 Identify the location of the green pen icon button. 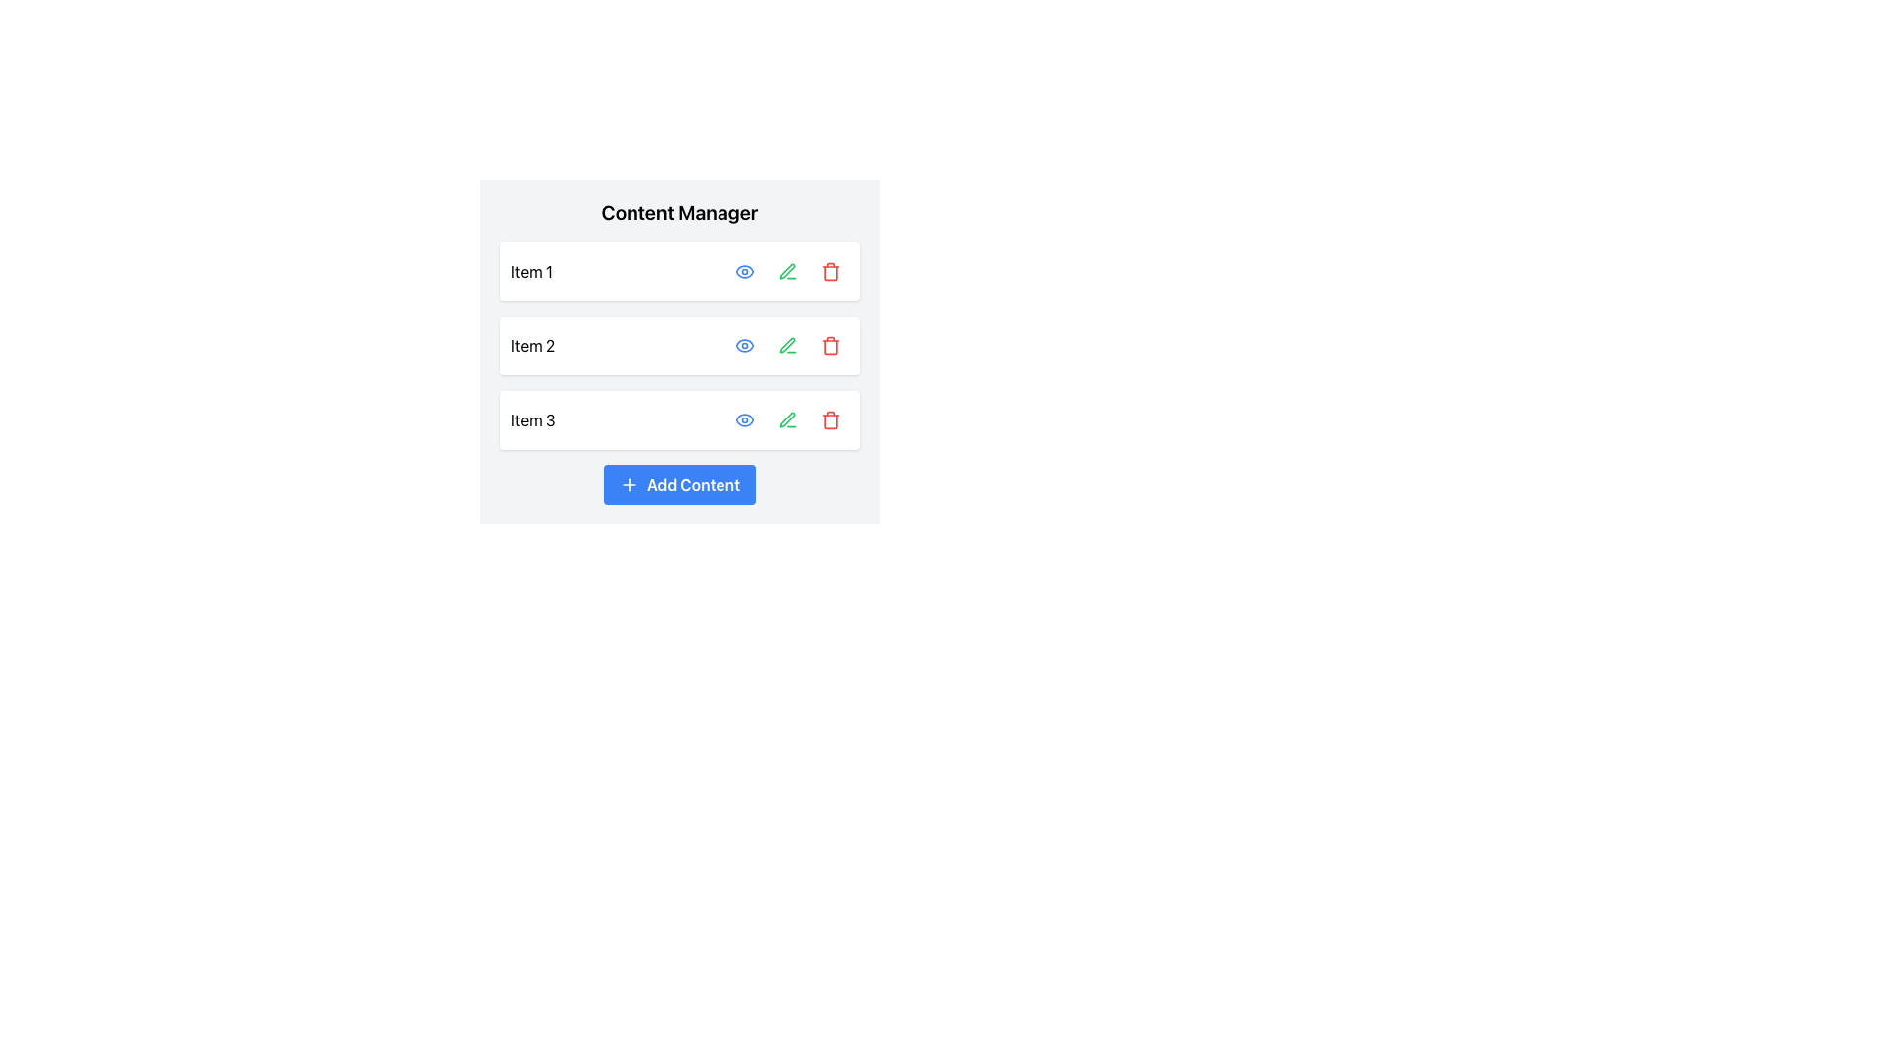
(788, 271).